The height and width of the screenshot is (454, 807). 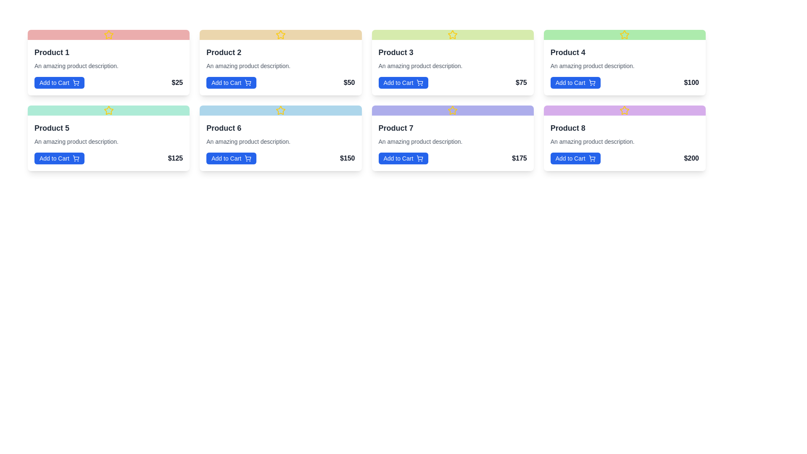 What do you see at coordinates (420, 82) in the screenshot?
I see `the icon next to the 'Add to Cart' text for Product 3 to initiate adding the product to the shopping cart` at bounding box center [420, 82].